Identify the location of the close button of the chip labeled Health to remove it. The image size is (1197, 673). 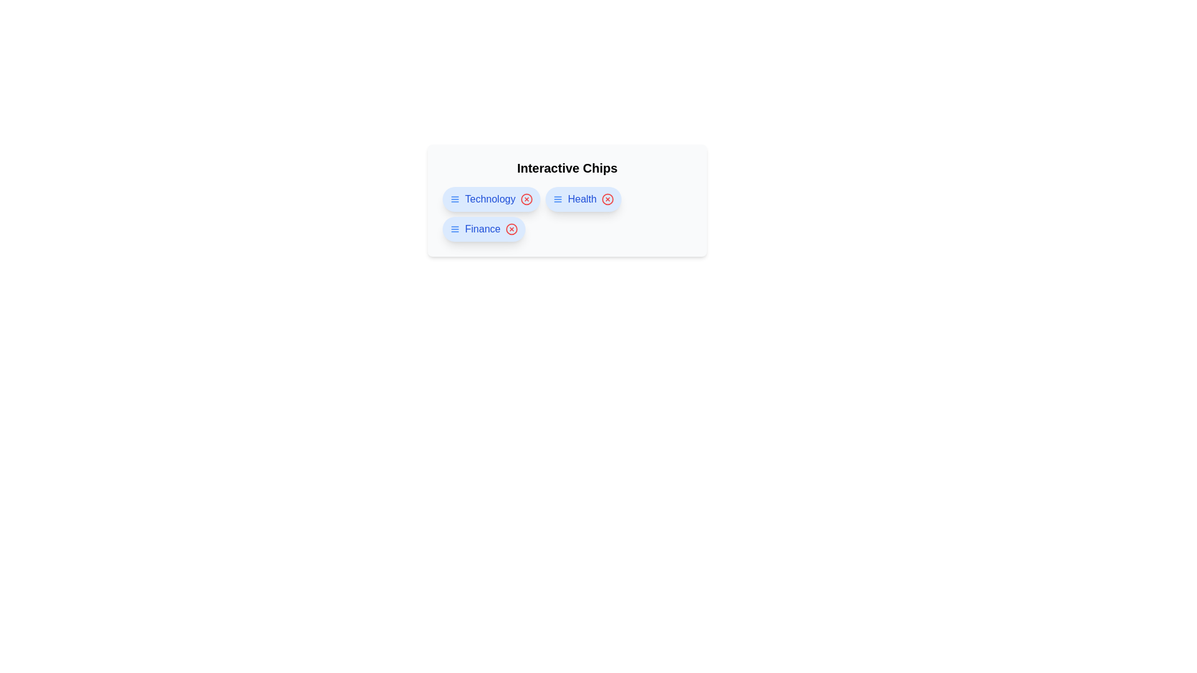
(608, 199).